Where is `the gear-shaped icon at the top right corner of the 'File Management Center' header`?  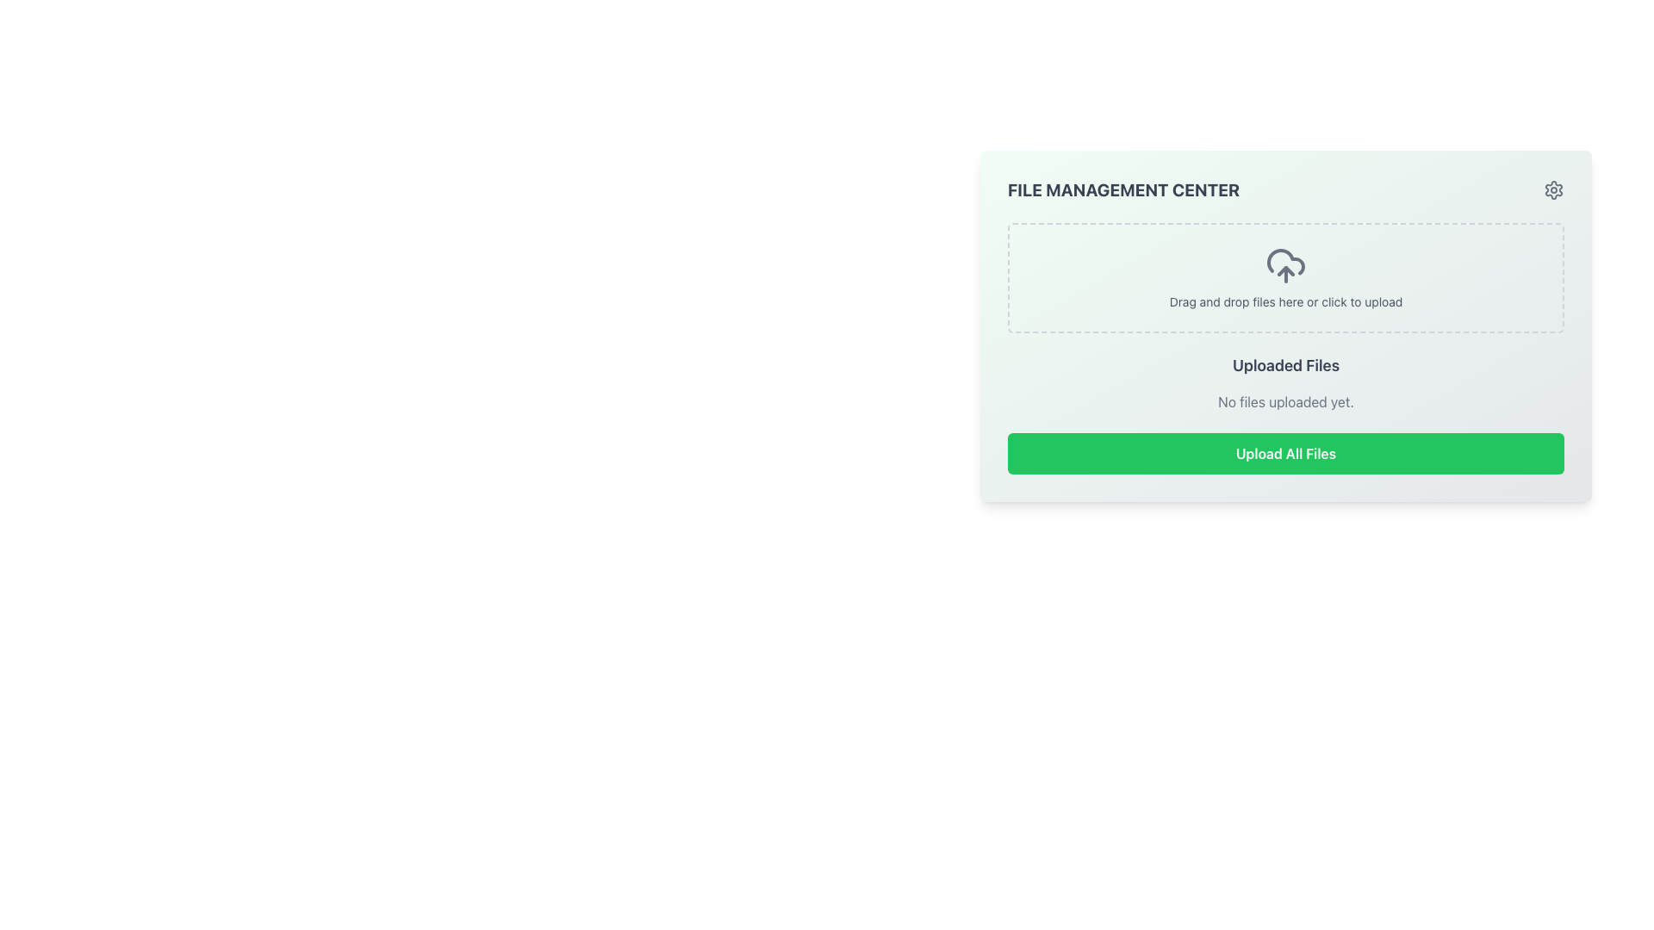
the gear-shaped icon at the top right corner of the 'File Management Center' header is located at coordinates (1554, 189).